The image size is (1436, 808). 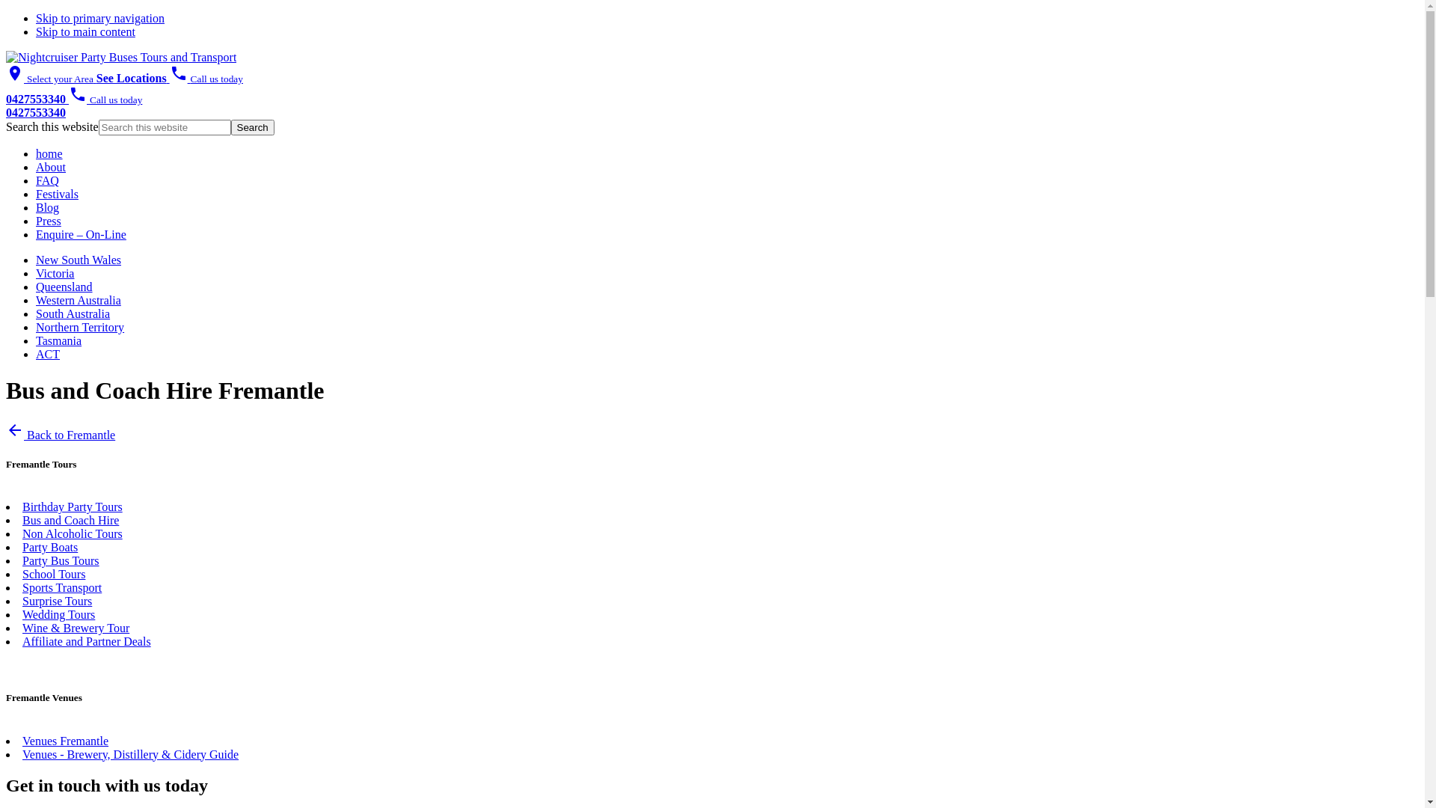 What do you see at coordinates (60, 435) in the screenshot?
I see `'arrow_back Back to Fremantle'` at bounding box center [60, 435].